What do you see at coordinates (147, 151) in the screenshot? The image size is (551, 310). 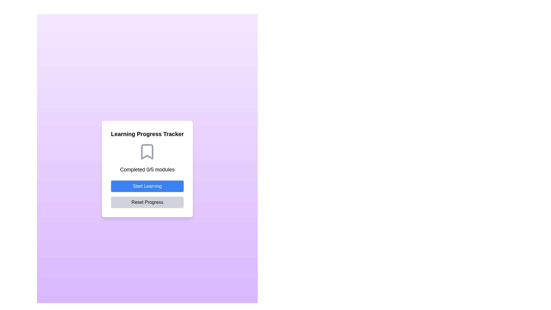 I see `the Informational Display, which is the first visual section in the card located above the 'Start Learning' and 'Reset Progress' buttons` at bounding box center [147, 151].